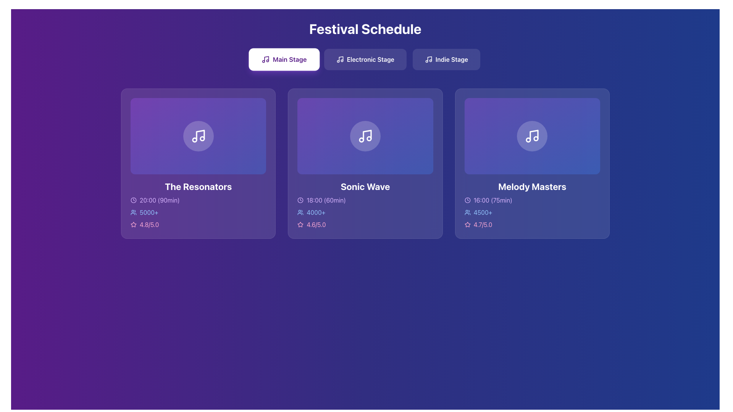  Describe the element at coordinates (326, 200) in the screenshot. I see `text element conveying the start time and duration of the event located centrally under the 'Sonic Wave' heading, aligned with the clock icon` at that location.